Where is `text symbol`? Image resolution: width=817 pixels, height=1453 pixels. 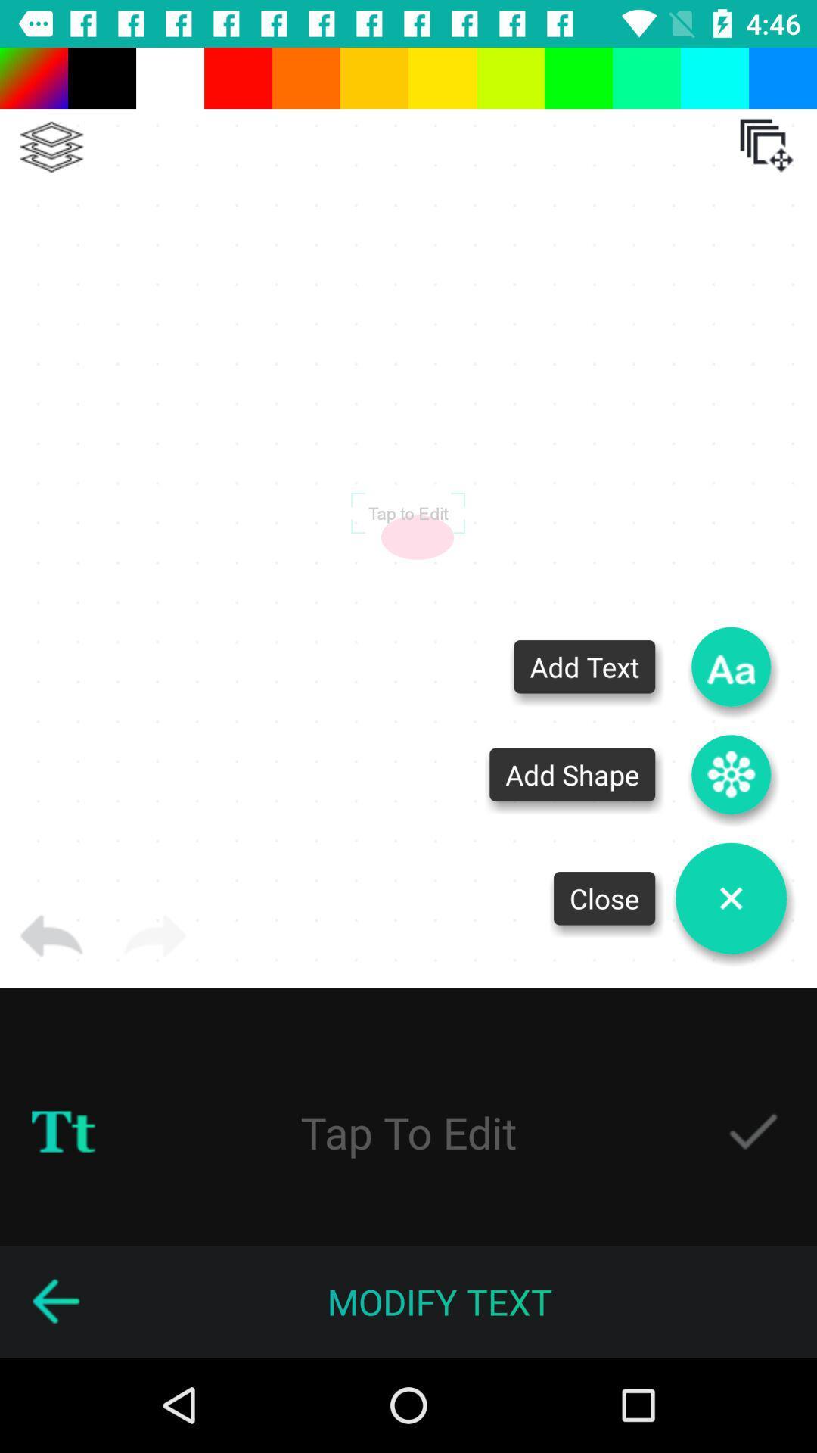 text symbol is located at coordinates (63, 1132).